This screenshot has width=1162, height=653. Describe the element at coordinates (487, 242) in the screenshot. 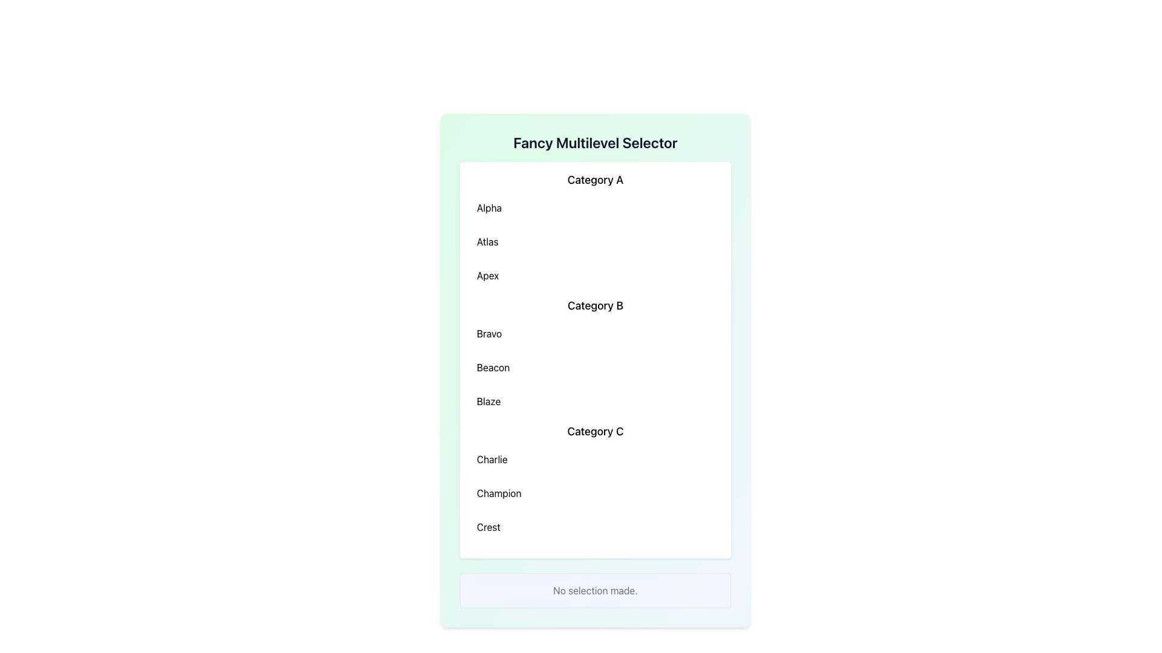

I see `the text label displaying 'Atlas', the second item in the vertical list under 'Category A'` at that location.